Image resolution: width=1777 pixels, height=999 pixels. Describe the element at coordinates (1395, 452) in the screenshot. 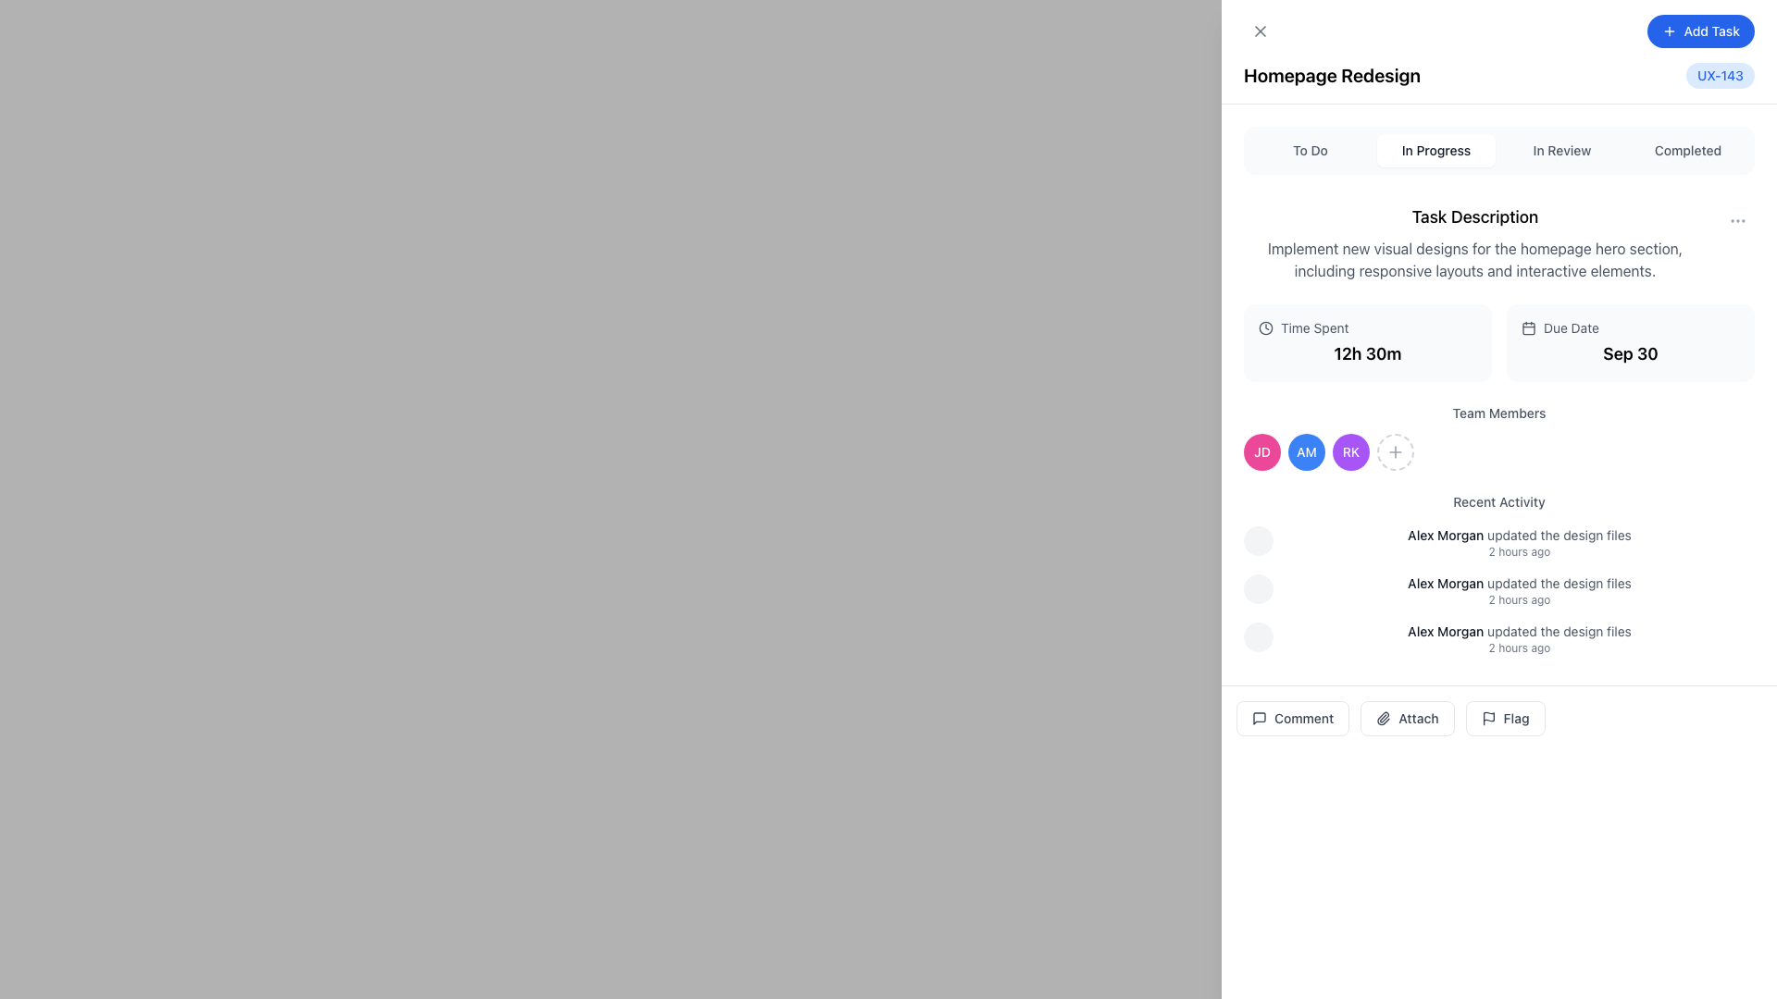

I see `the plus-shaped icon button within the 'Team Members' section for keyboard interaction` at that location.